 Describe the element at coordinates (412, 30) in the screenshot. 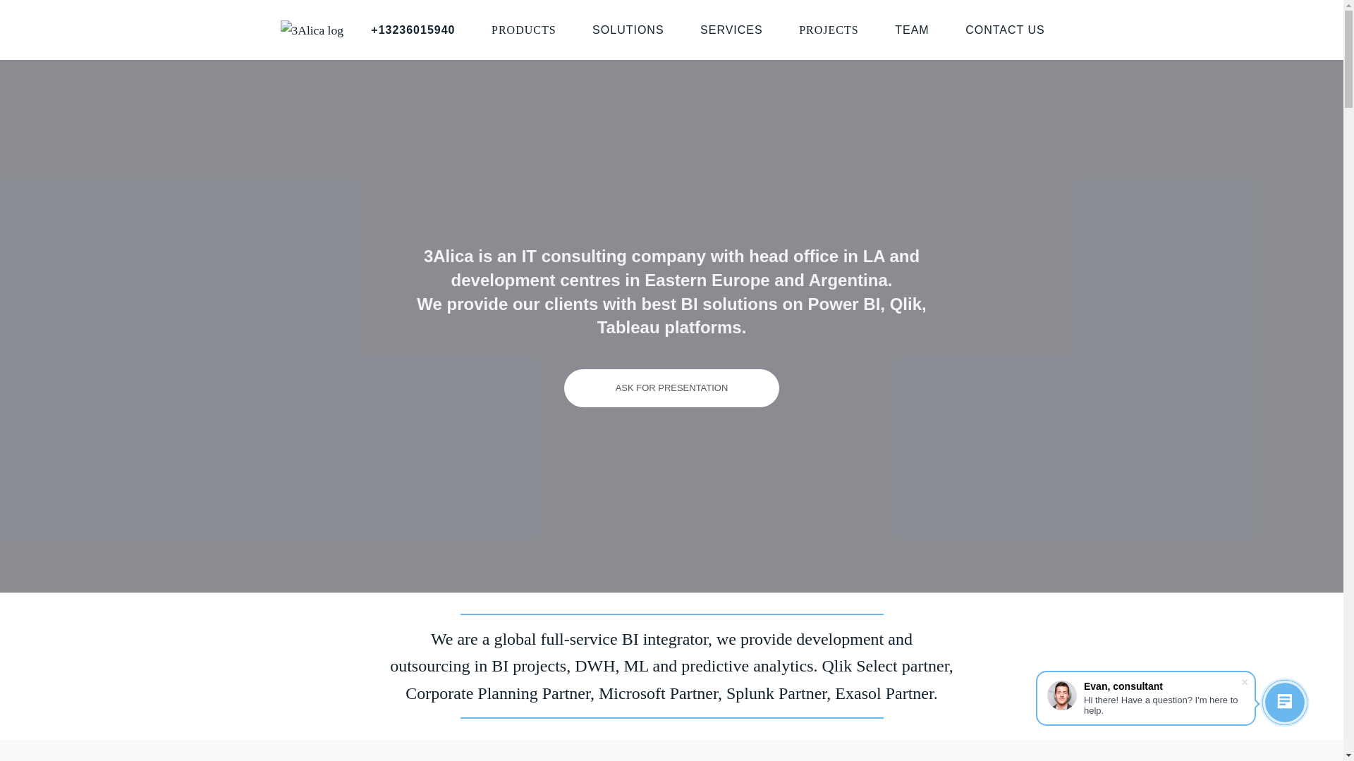

I see `'+13236015940'` at that location.